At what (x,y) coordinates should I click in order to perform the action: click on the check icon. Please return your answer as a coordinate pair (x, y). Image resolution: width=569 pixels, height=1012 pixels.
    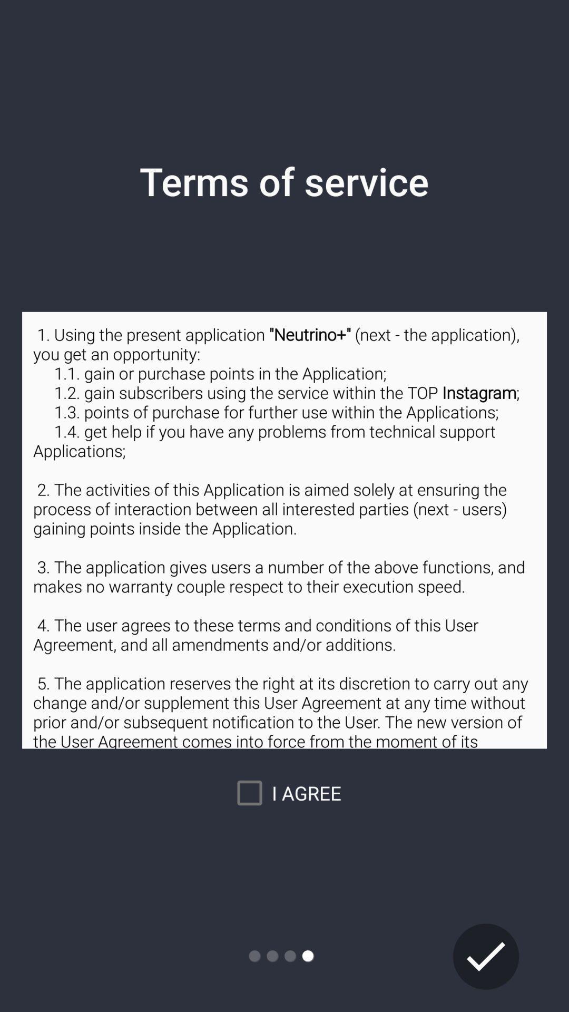
    Looking at the image, I should click on (486, 956).